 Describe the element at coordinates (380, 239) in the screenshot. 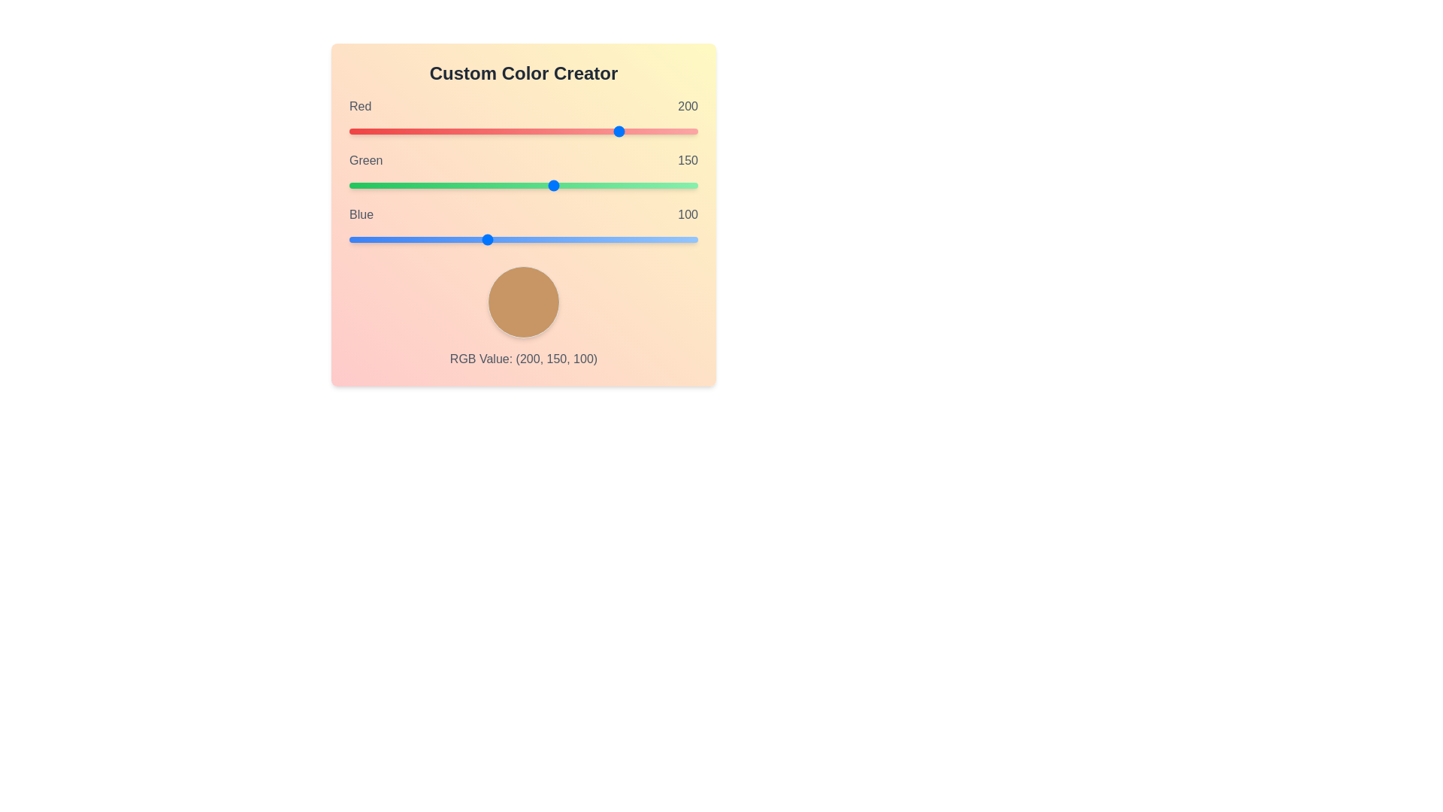

I see `the blue slider to set the blue value to 23` at that location.